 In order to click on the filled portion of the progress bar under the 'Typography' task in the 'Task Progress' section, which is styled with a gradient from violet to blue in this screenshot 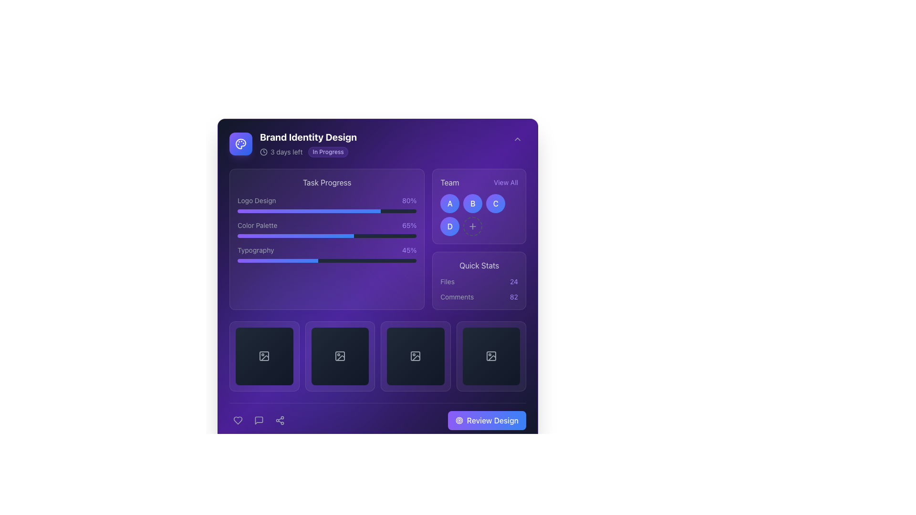, I will do `click(277, 261)`.